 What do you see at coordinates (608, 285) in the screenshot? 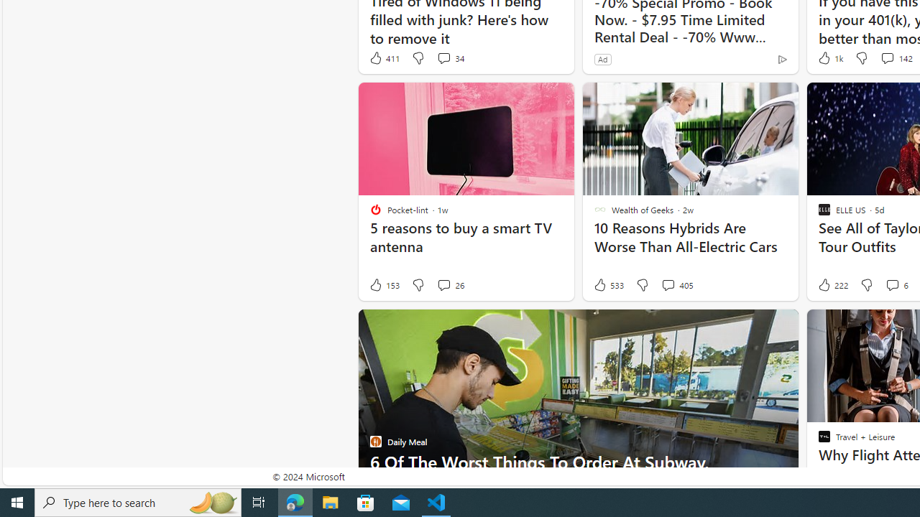
I see `'533 Like'` at bounding box center [608, 285].